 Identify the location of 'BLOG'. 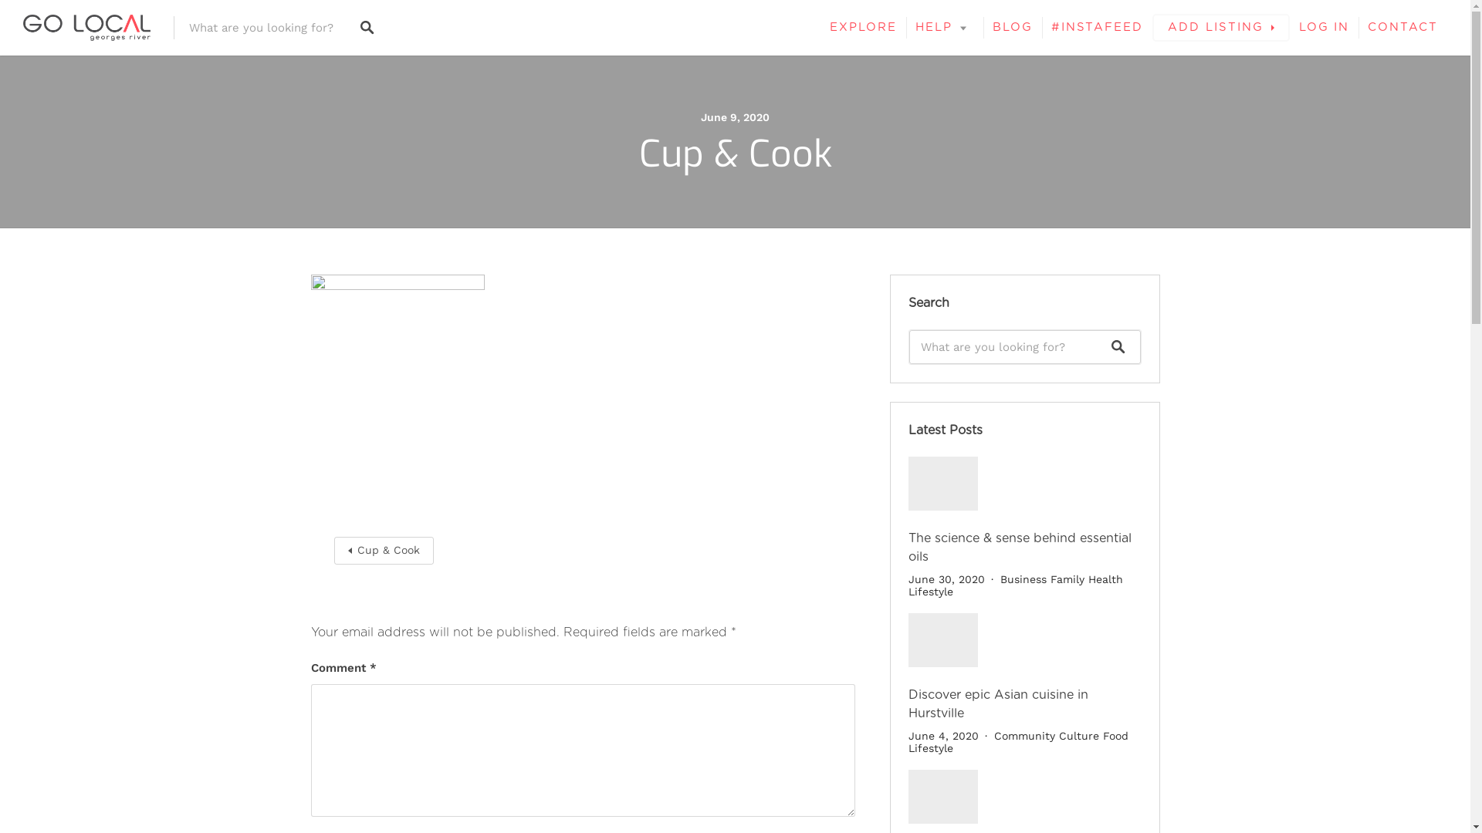
(1012, 28).